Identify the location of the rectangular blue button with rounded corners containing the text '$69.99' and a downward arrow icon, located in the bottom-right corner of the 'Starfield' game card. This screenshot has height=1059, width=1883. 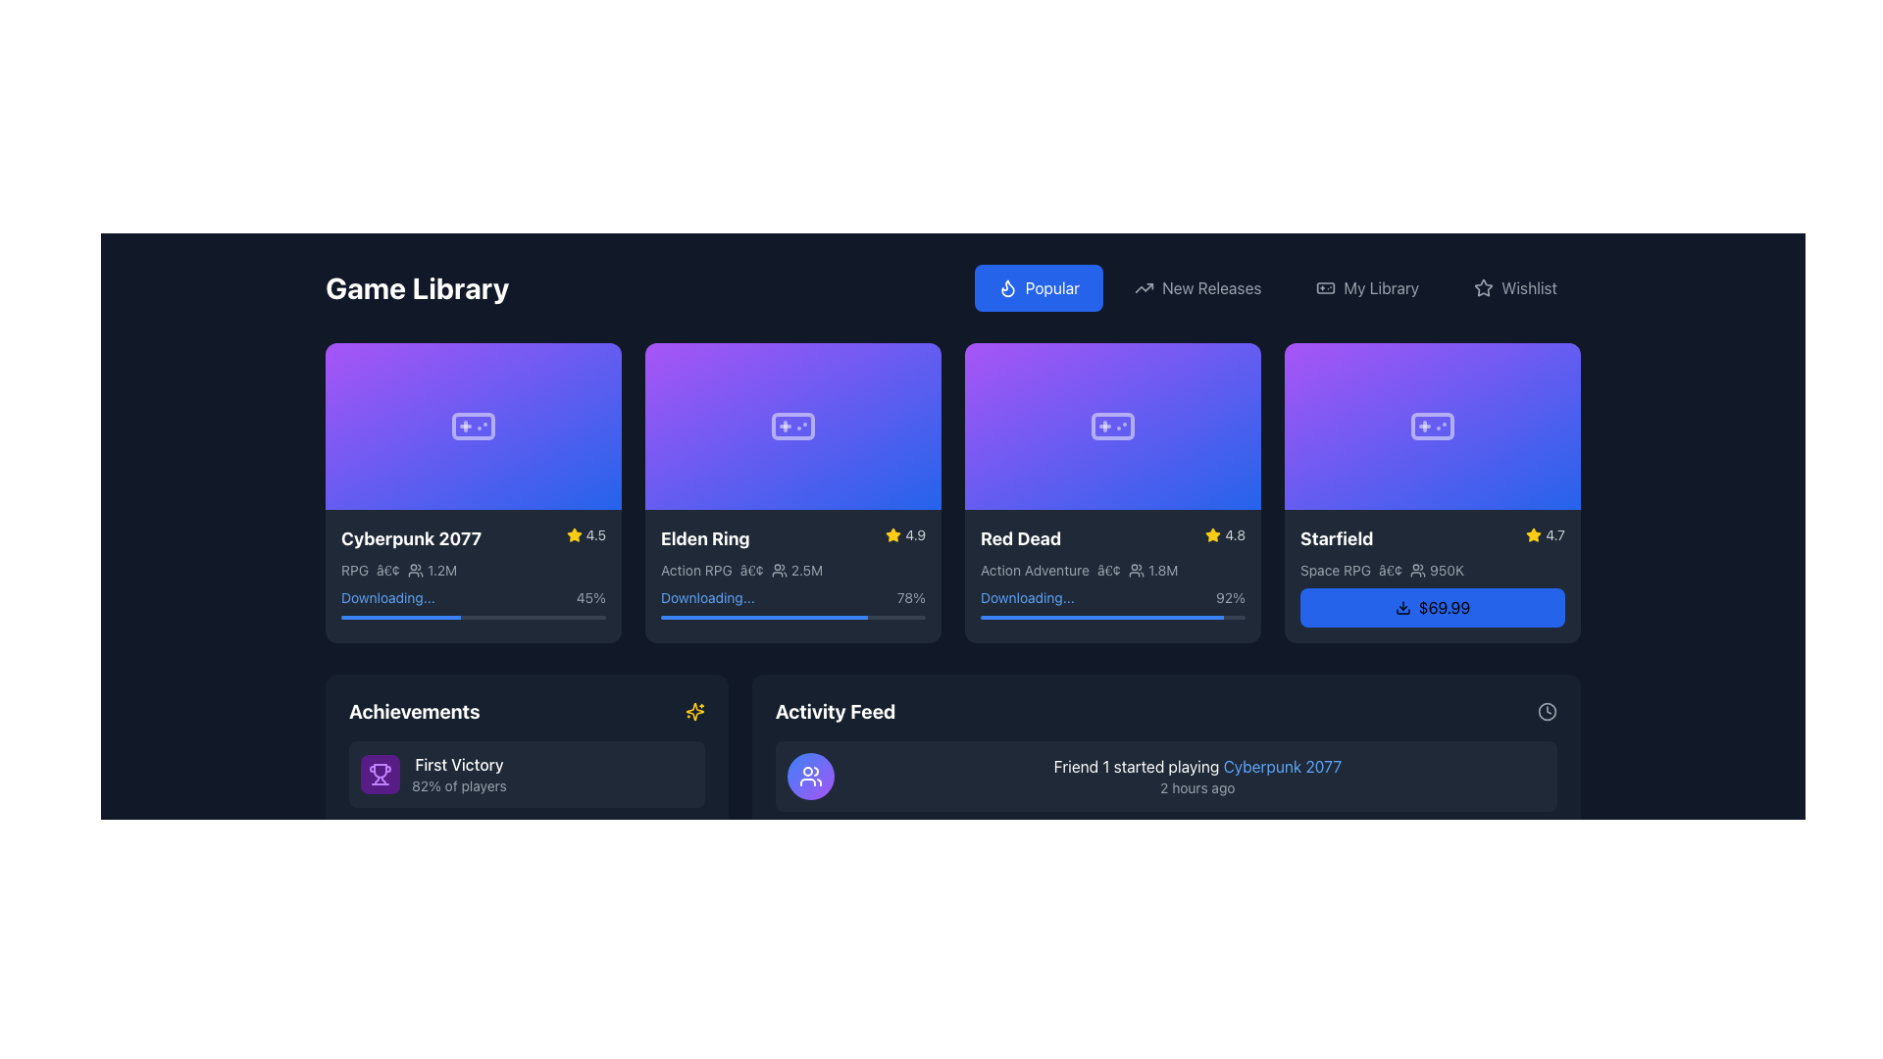
(1432, 605).